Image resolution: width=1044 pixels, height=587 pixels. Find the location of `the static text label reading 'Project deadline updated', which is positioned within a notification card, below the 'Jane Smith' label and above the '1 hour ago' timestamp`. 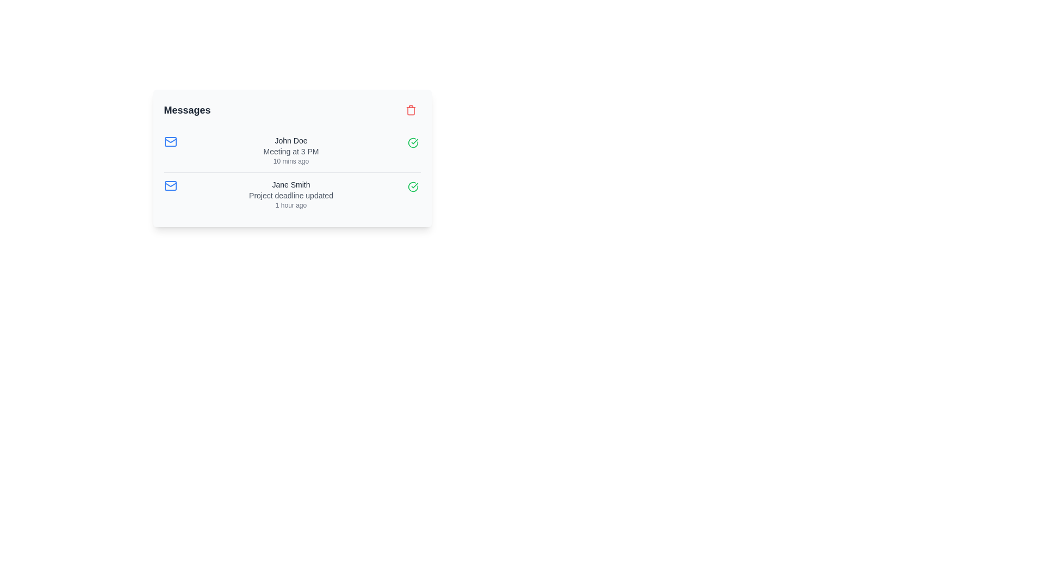

the static text label reading 'Project deadline updated', which is positioned within a notification card, below the 'Jane Smith' label and above the '1 hour ago' timestamp is located at coordinates (291, 195).